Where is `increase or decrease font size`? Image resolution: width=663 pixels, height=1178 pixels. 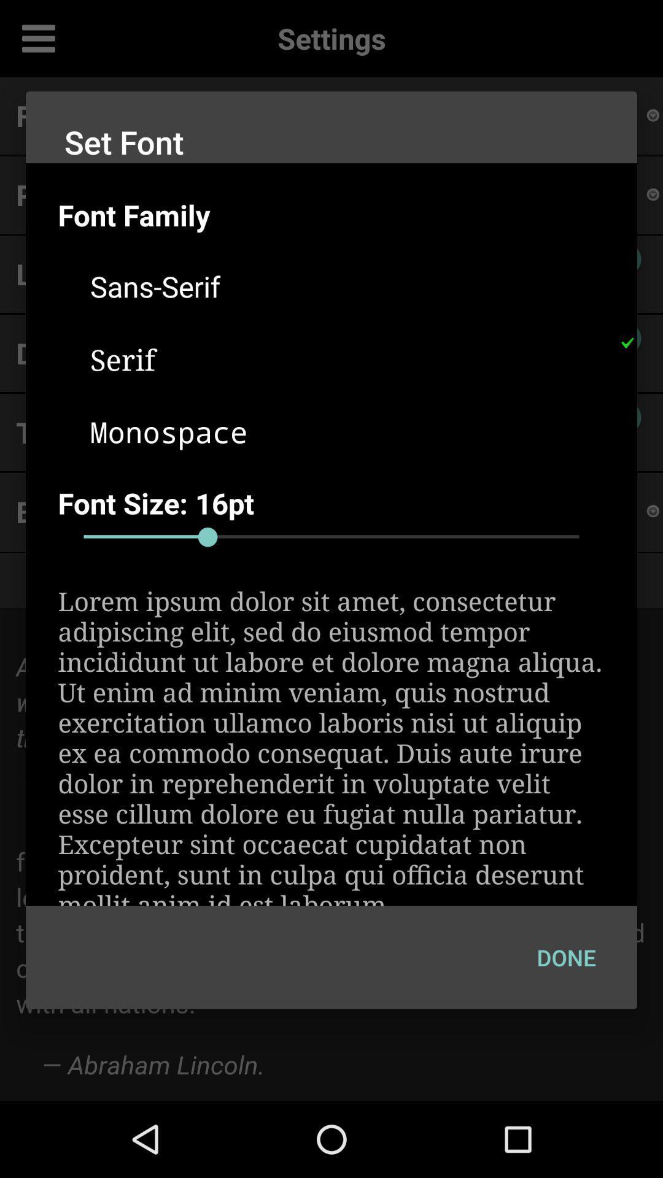 increase or decrease font size is located at coordinates (331, 537).